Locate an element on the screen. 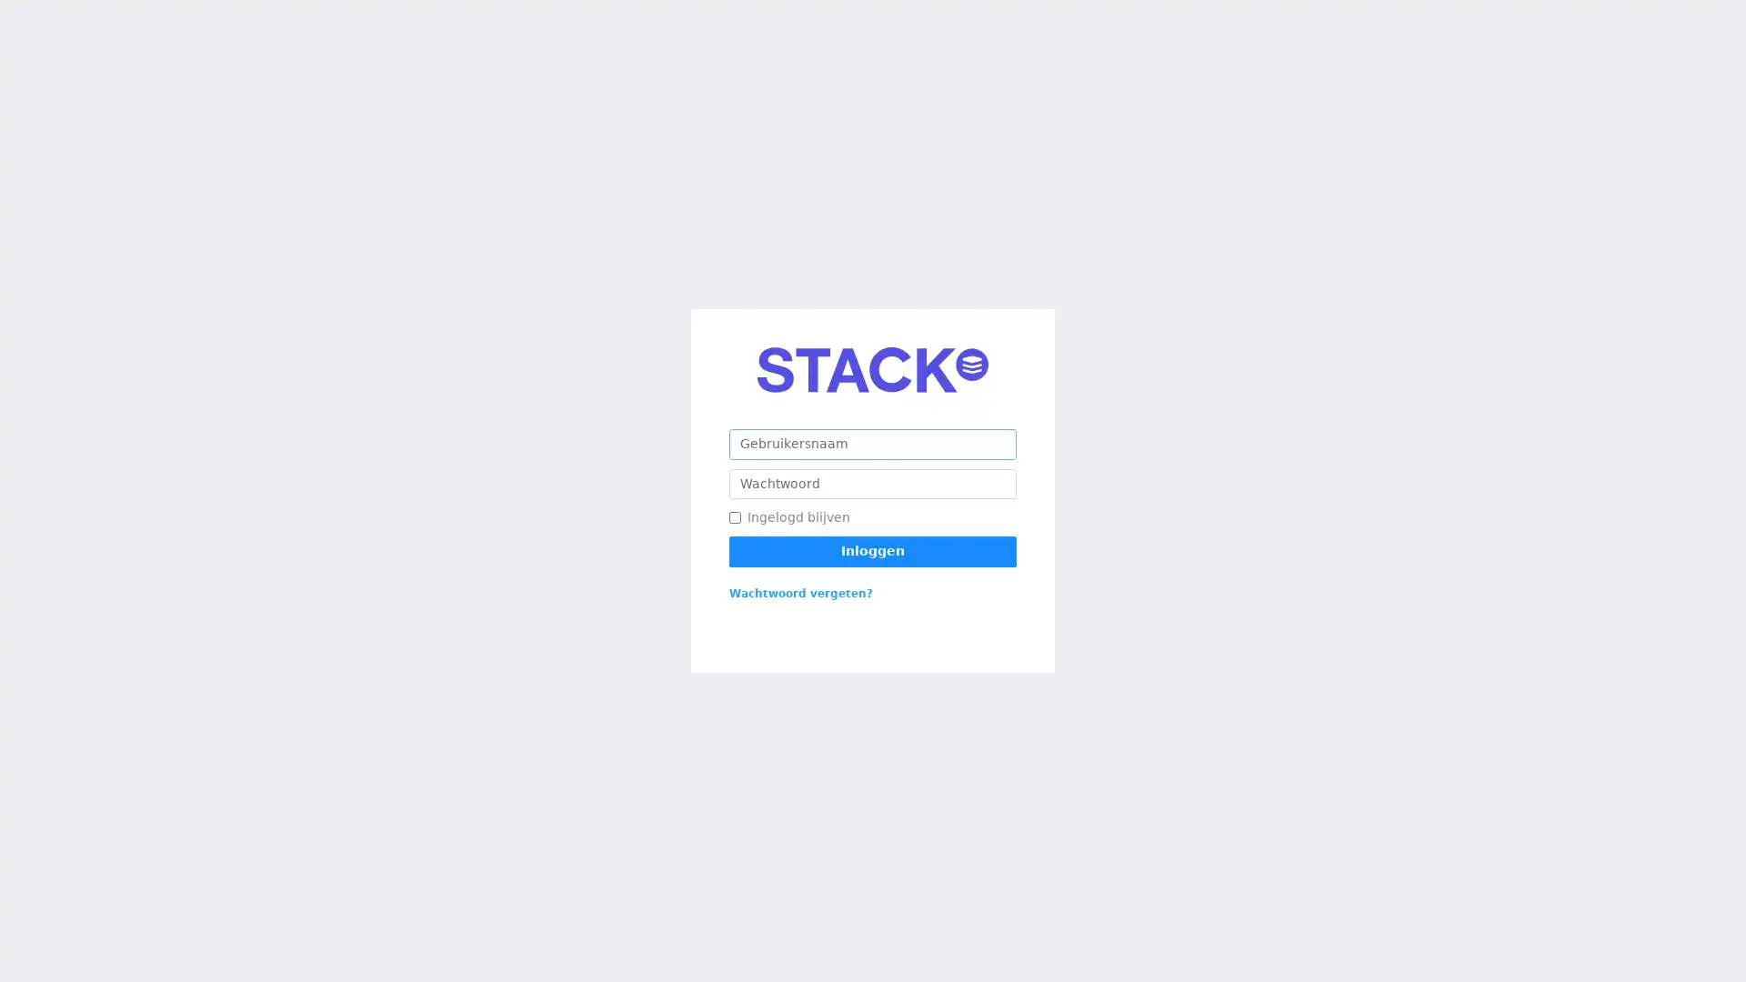  Inloggen is located at coordinates (873, 550).